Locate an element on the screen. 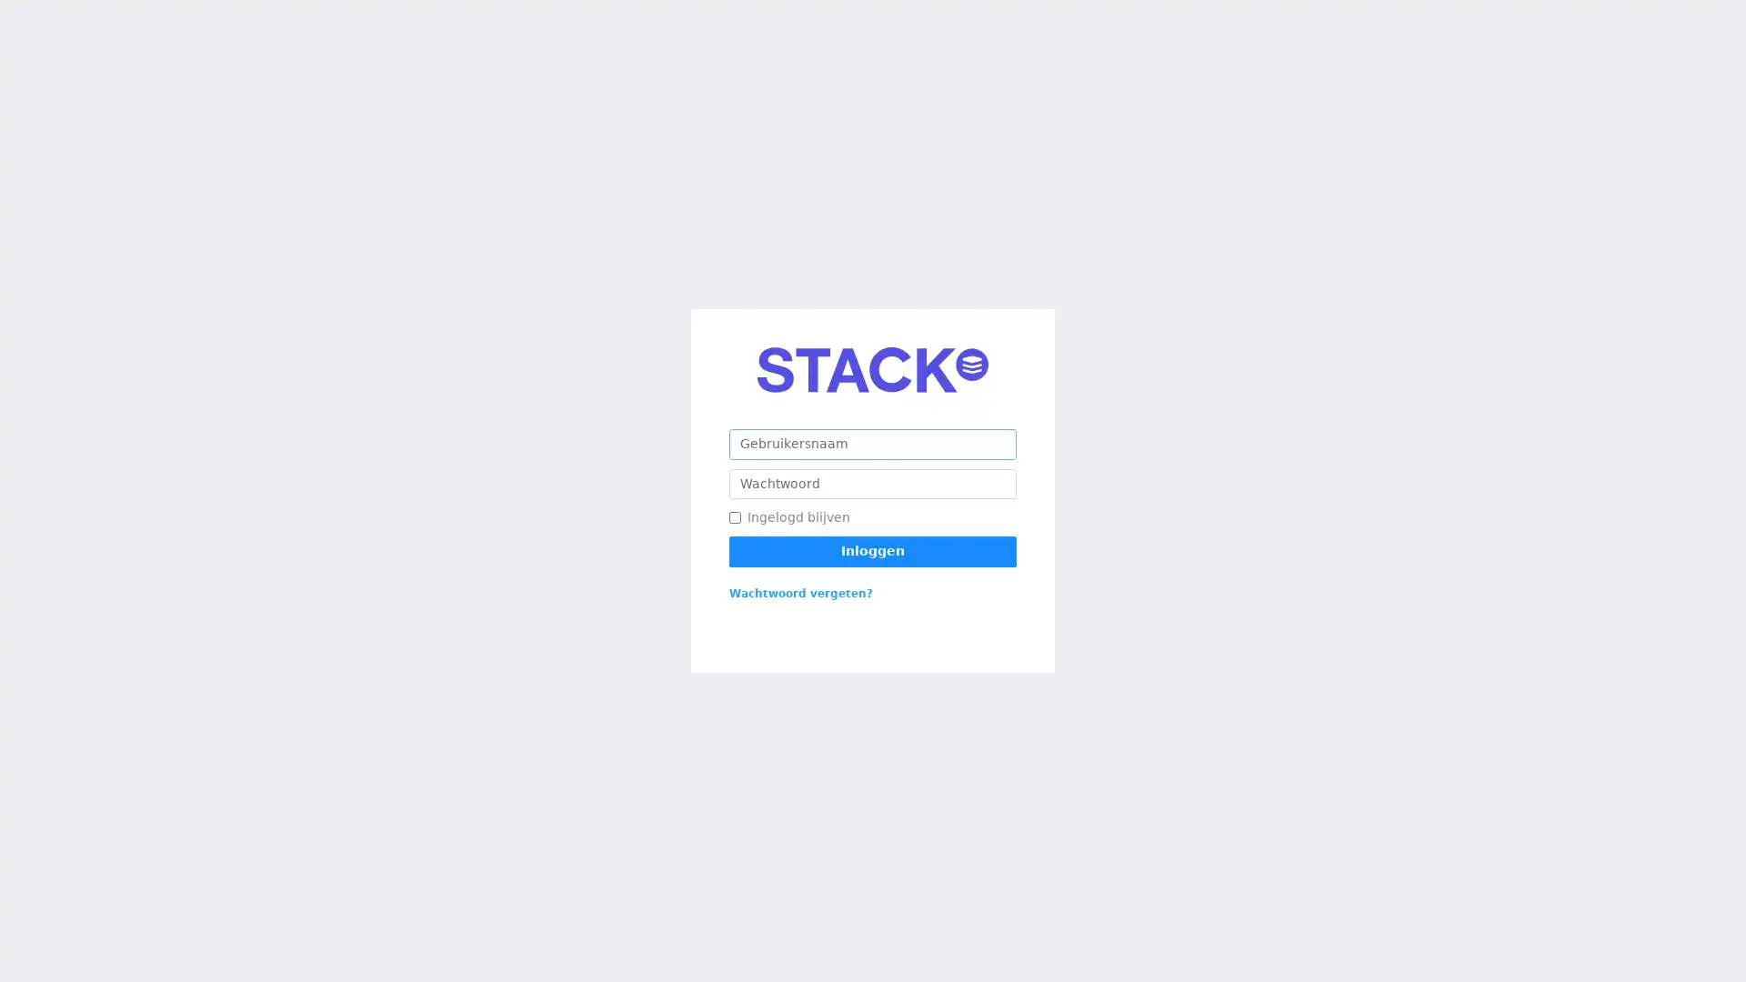  Inloggen is located at coordinates (873, 550).